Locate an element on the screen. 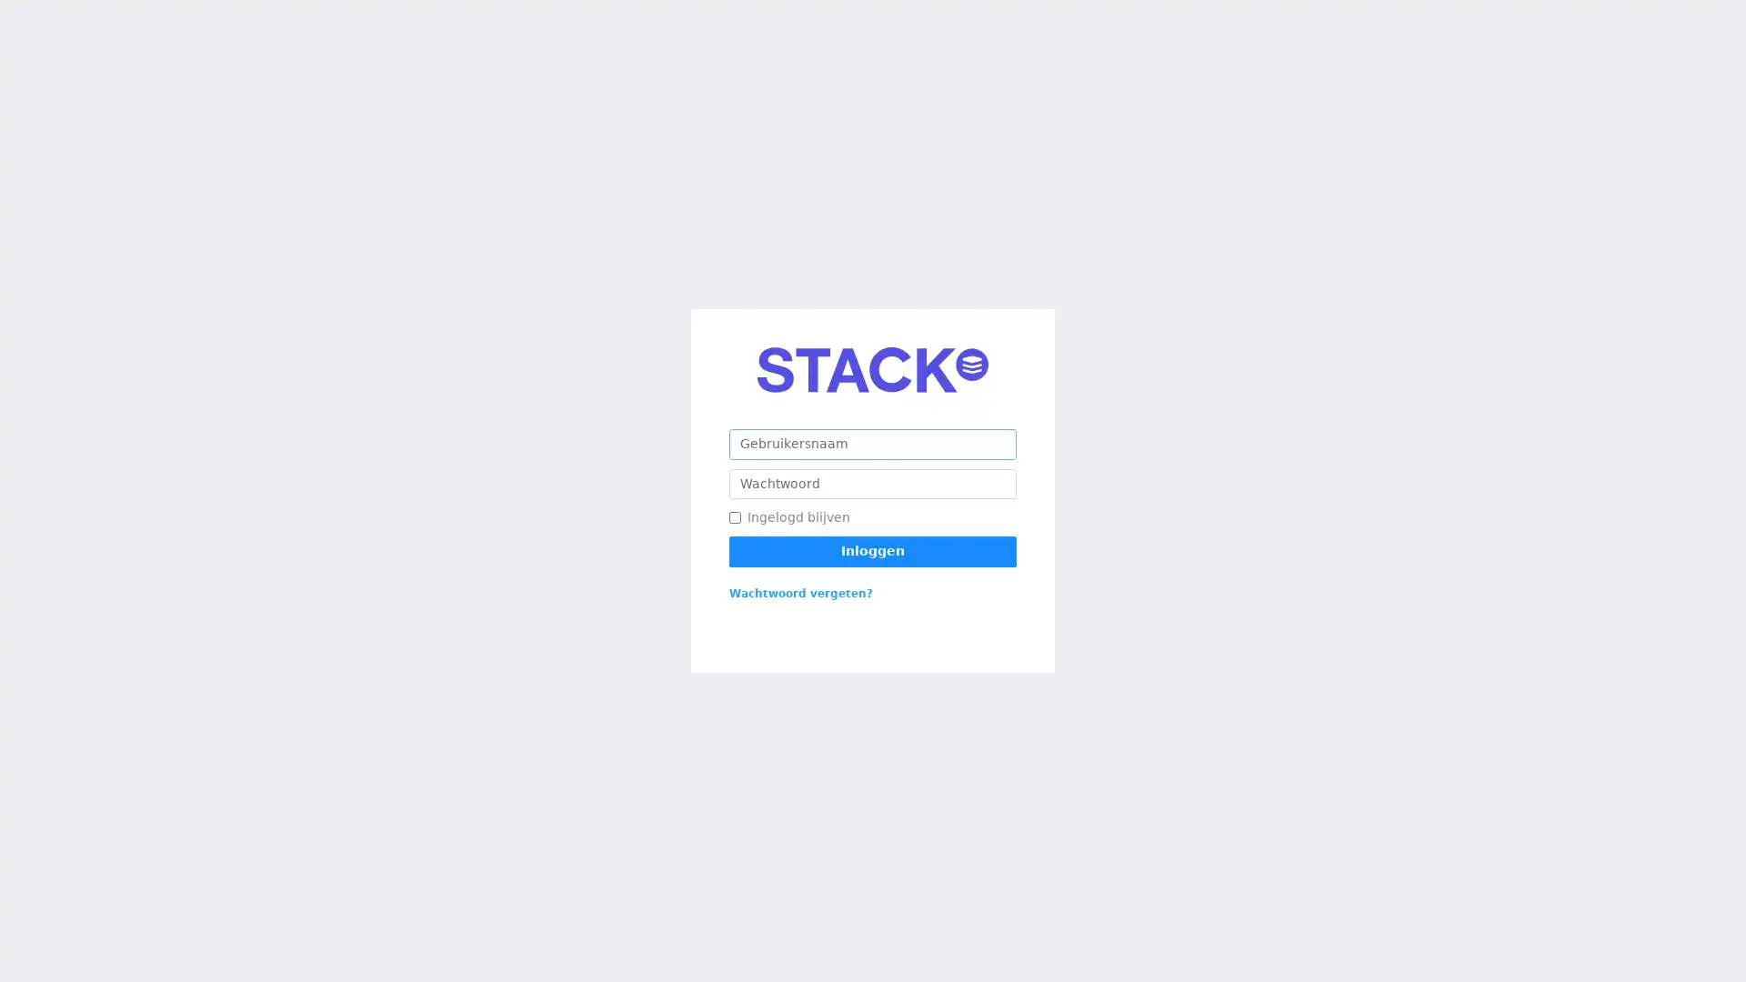  Inloggen is located at coordinates (873, 550).